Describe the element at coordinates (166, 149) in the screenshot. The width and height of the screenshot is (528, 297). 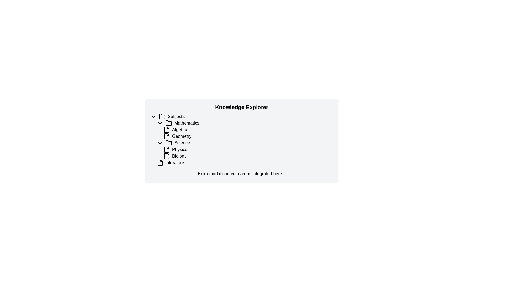
I see `the SVG icon representing the 'Physics' entry` at that location.